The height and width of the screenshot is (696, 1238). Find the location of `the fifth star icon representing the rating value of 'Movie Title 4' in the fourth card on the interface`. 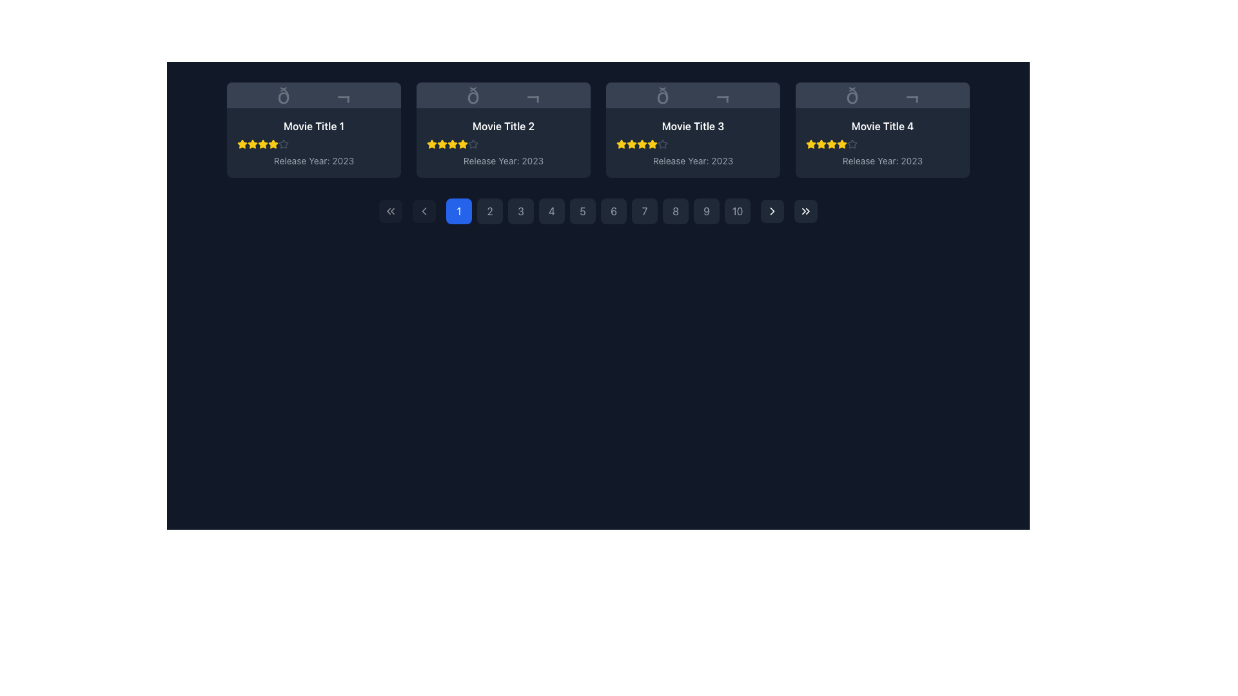

the fifth star icon representing the rating value of 'Movie Title 4' in the fourth card on the interface is located at coordinates (841, 144).